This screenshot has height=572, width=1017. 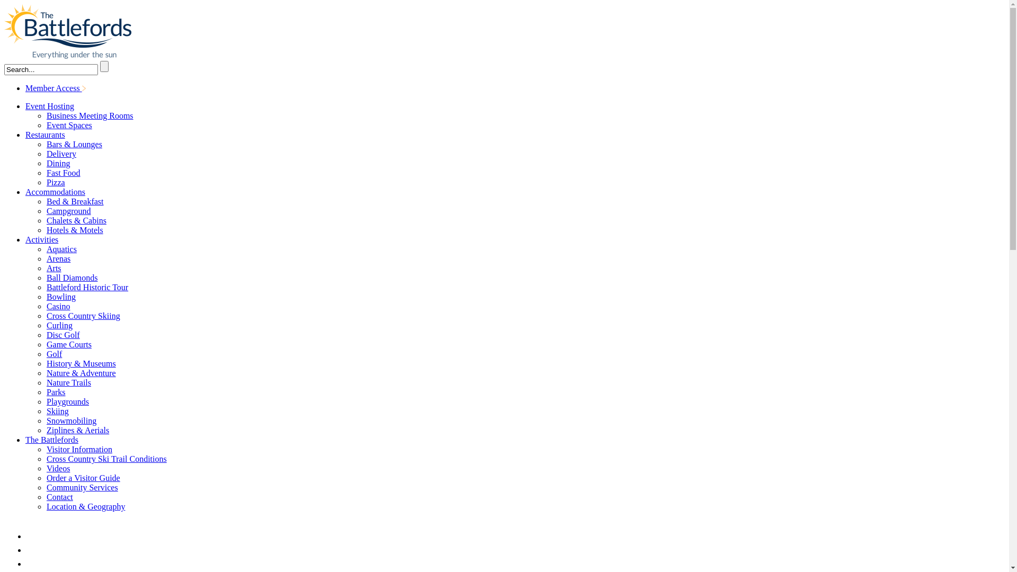 I want to click on 'Business Meeting Rooms', so click(x=46, y=115).